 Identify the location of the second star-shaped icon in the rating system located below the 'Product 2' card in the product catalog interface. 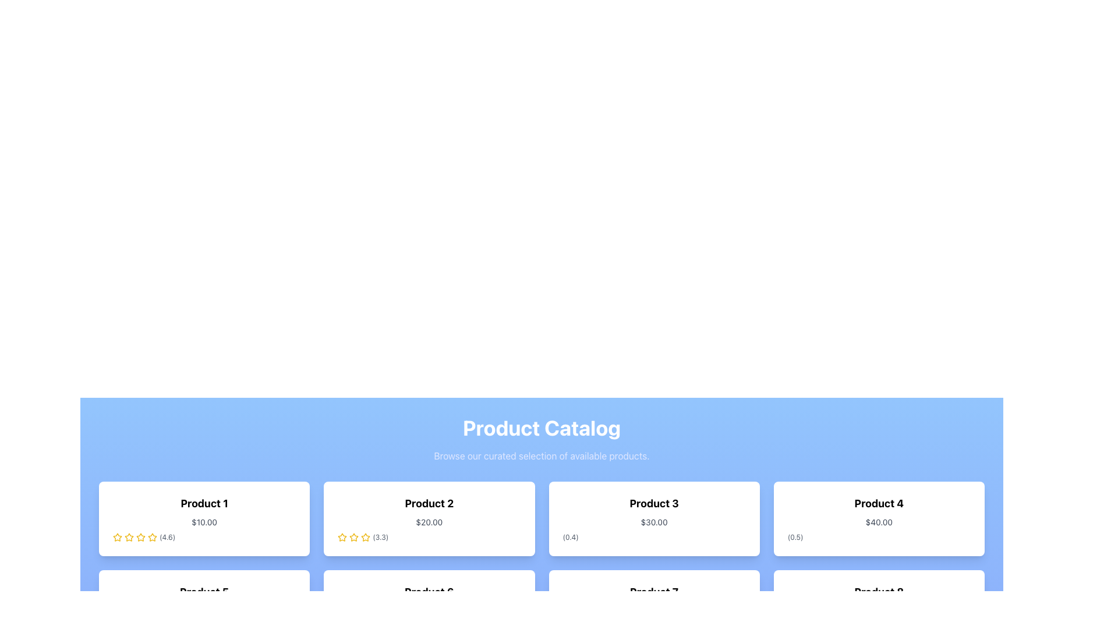
(365, 537).